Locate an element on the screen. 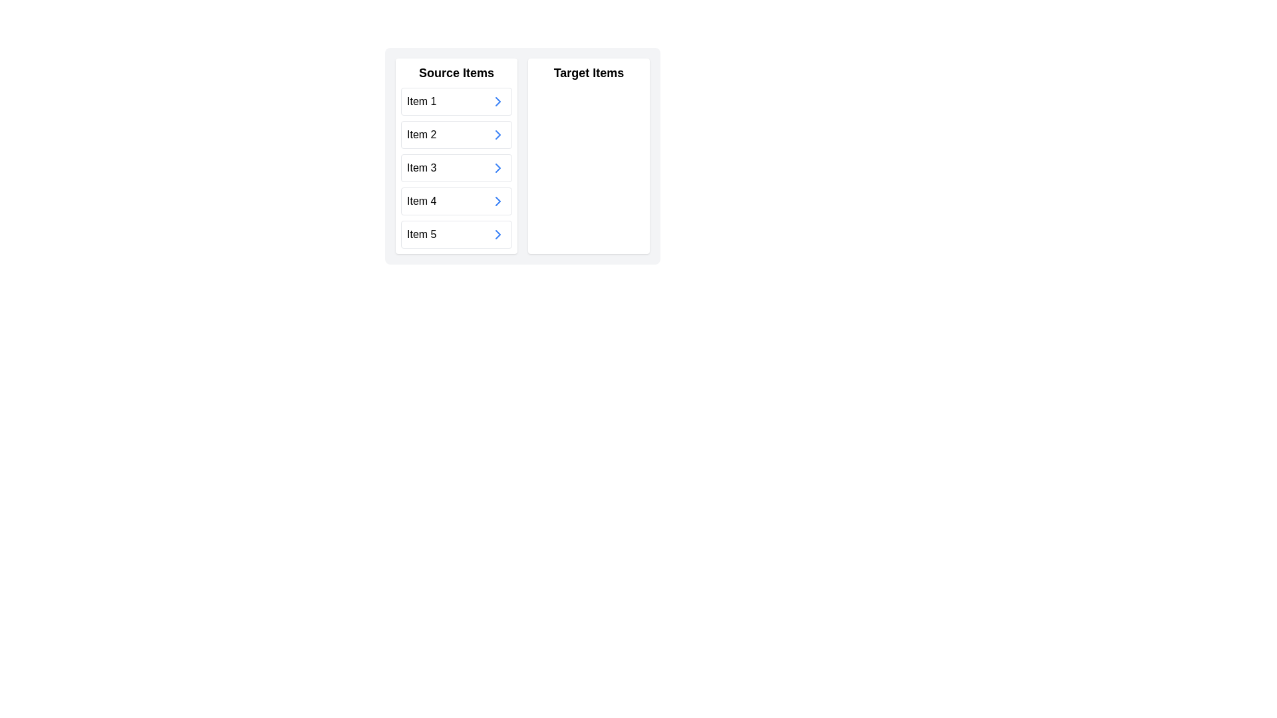 The image size is (1277, 718). the static text label displaying 'Item 1' in the 'Source Items' column, which is the first element in the vertical list is located at coordinates (421, 101).